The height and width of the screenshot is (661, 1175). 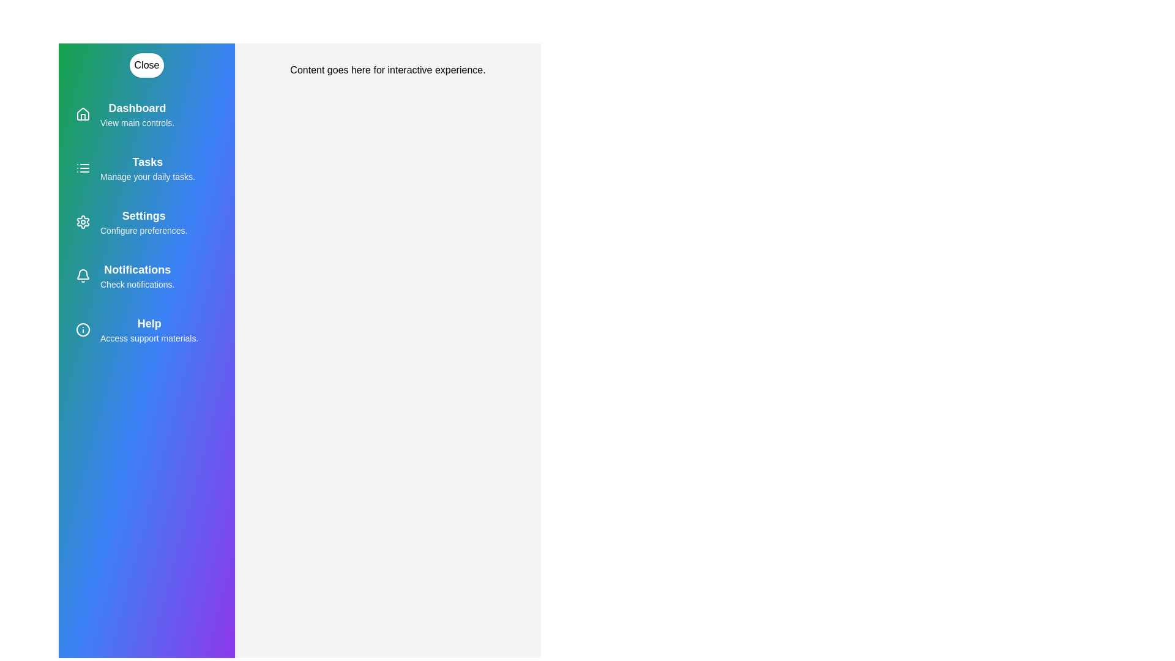 What do you see at coordinates (147, 168) in the screenshot?
I see `the menu item labeled 'Tasks' to highlight it` at bounding box center [147, 168].